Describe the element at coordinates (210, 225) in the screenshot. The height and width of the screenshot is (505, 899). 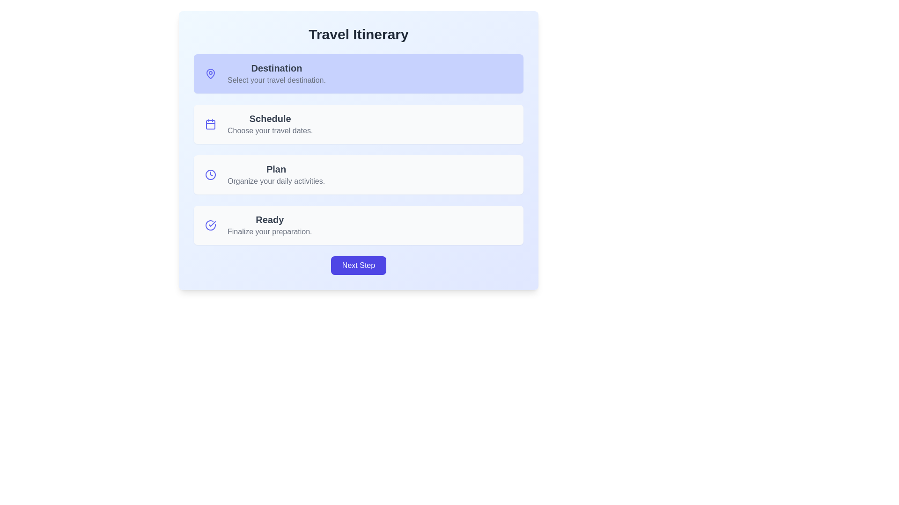
I see `the indigo rounded button with a check mark icon, located to the left of the text 'Ready' in the interface` at that location.